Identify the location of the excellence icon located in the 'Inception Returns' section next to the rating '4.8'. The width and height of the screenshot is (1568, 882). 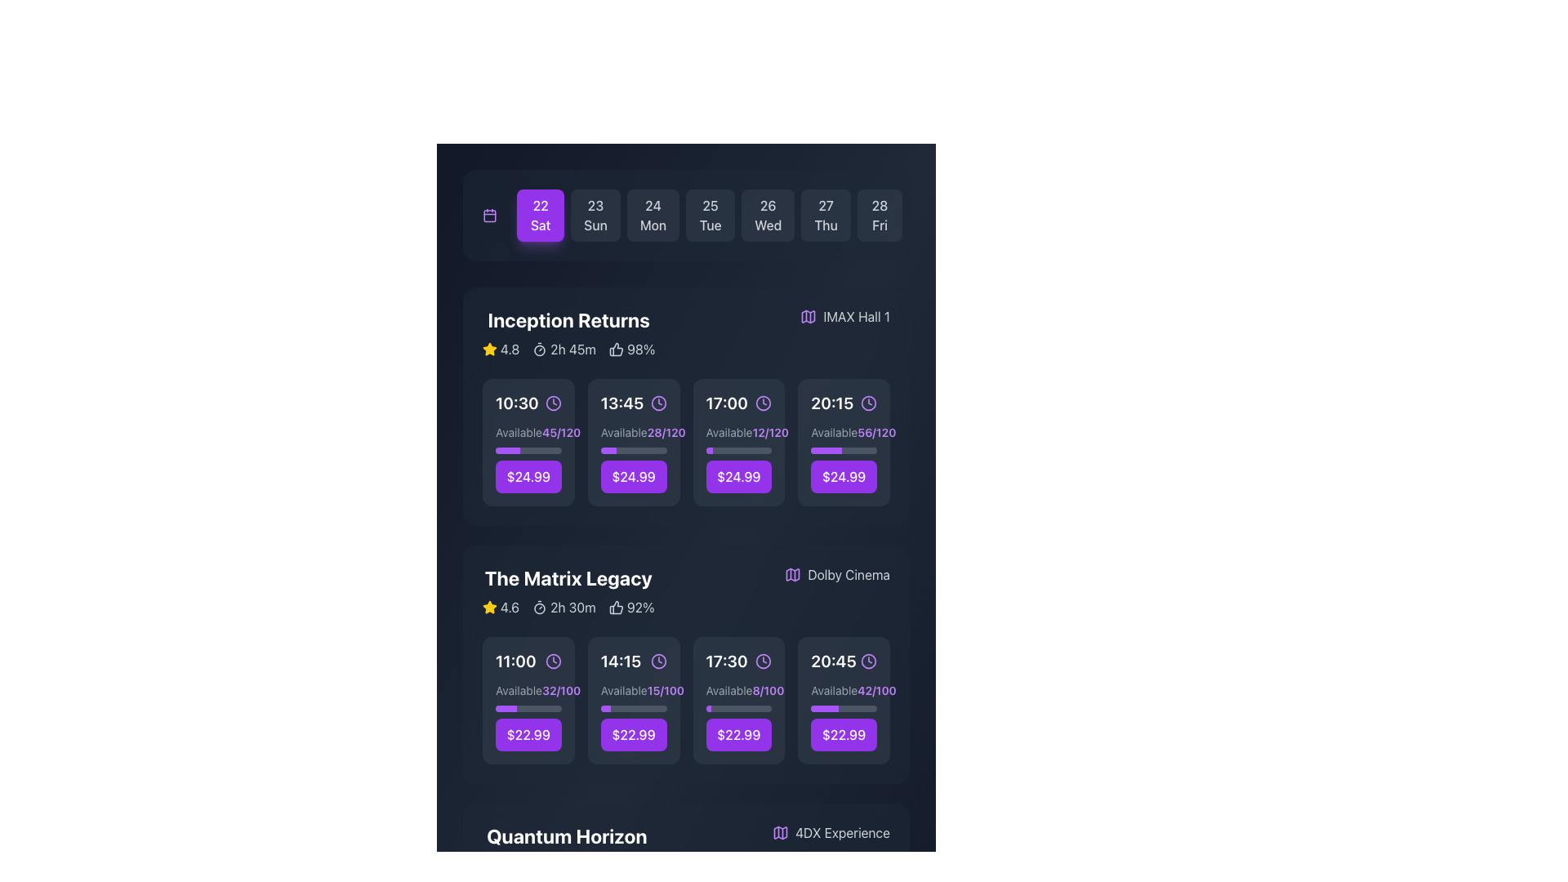
(489, 349).